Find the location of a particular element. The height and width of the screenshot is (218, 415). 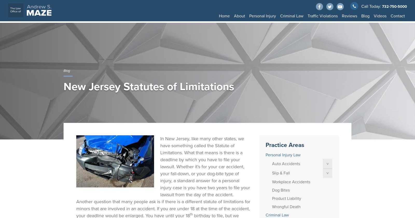

'Injured Passengers' is located at coordinates (343, 76).